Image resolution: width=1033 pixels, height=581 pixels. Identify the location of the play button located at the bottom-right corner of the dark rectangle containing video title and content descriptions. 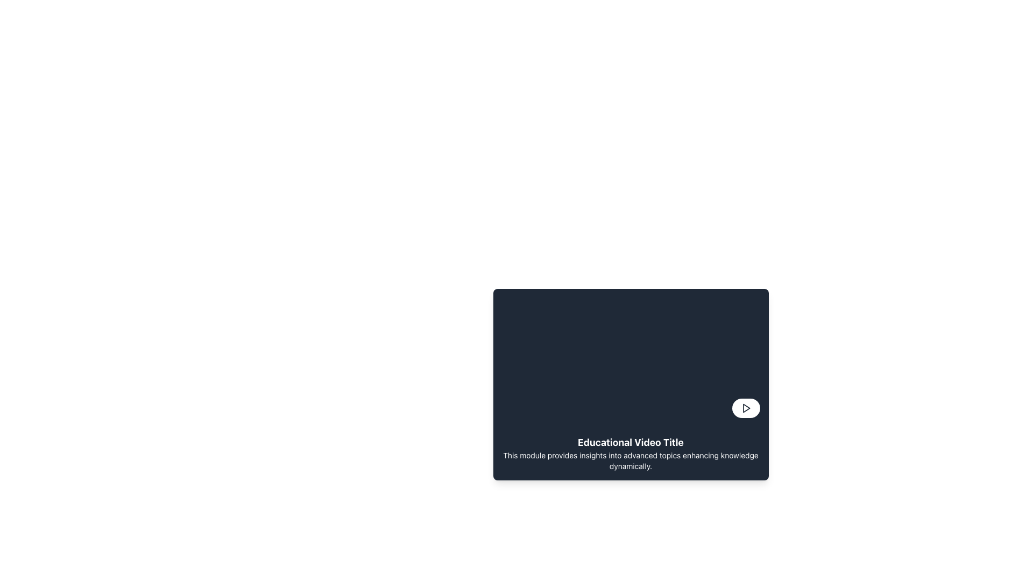
(745, 408).